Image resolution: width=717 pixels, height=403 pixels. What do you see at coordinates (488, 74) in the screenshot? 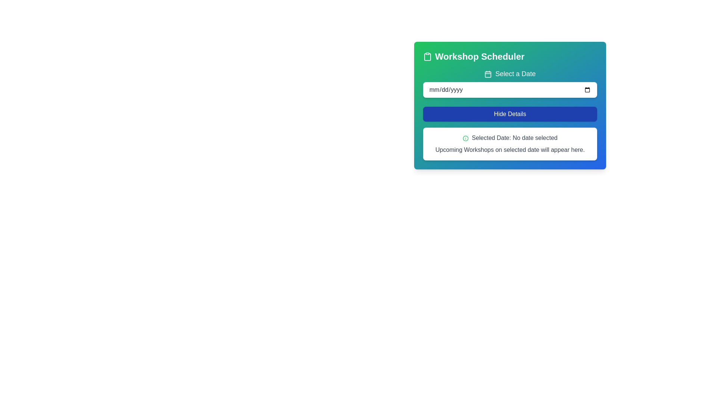
I see `the calendar icon, which is styled with a square outline and located to the left of the 'Select a Date' text label` at bounding box center [488, 74].